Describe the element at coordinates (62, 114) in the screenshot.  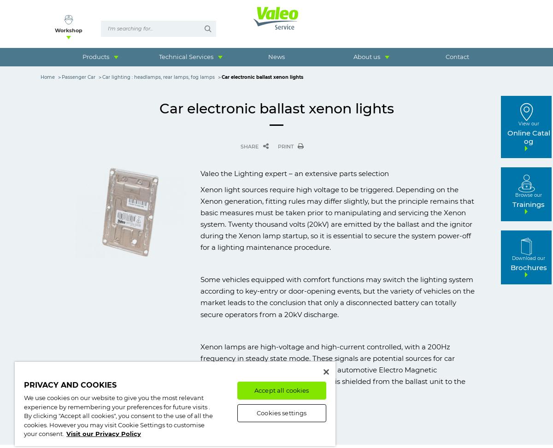
I see `'MSDS - Material Safety Data Sheets'` at that location.